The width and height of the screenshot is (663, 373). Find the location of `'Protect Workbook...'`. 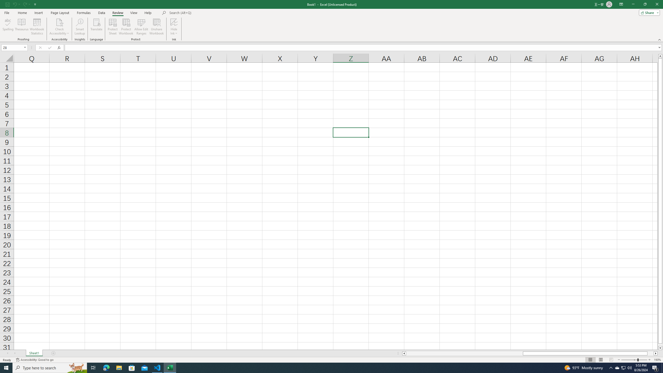

'Protect Workbook...' is located at coordinates (126, 27).